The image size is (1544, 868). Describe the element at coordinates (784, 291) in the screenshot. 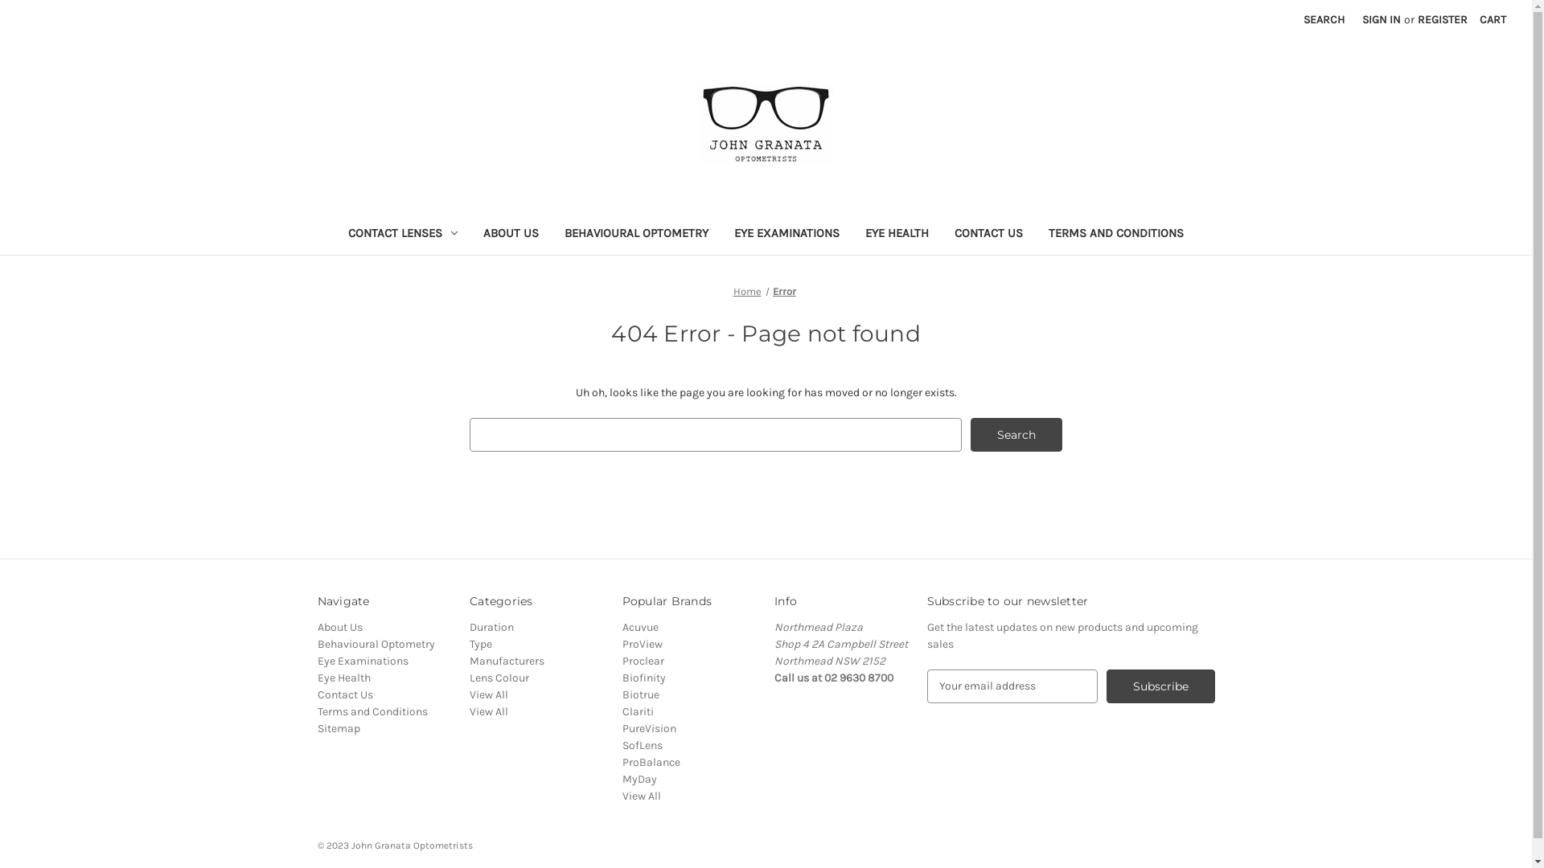

I see `'Error'` at that location.